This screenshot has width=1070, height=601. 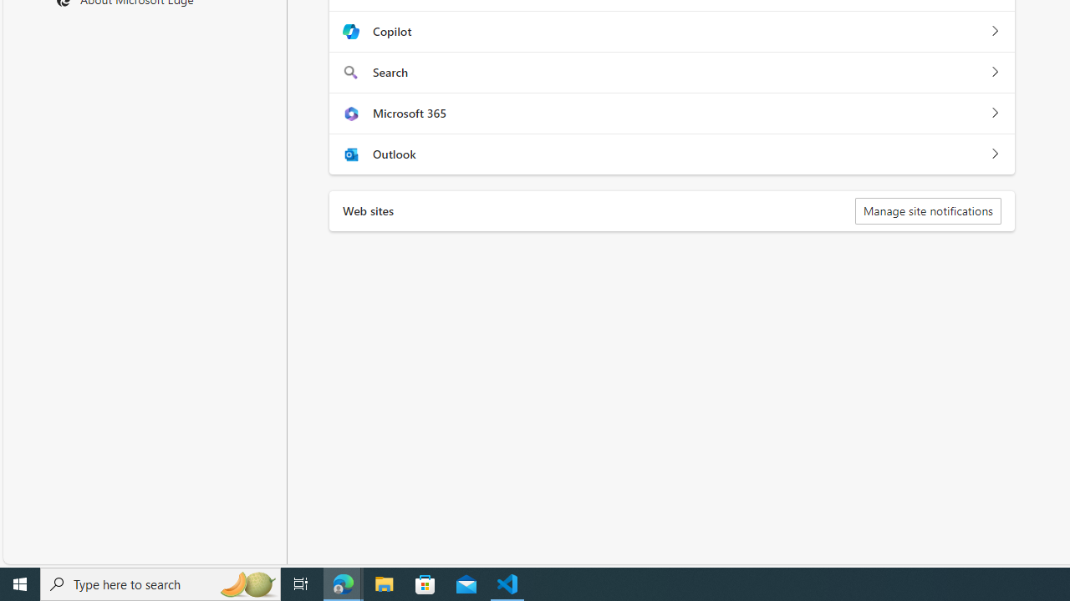 What do you see at coordinates (926, 210) in the screenshot?
I see `'Manage site notifications'` at bounding box center [926, 210].